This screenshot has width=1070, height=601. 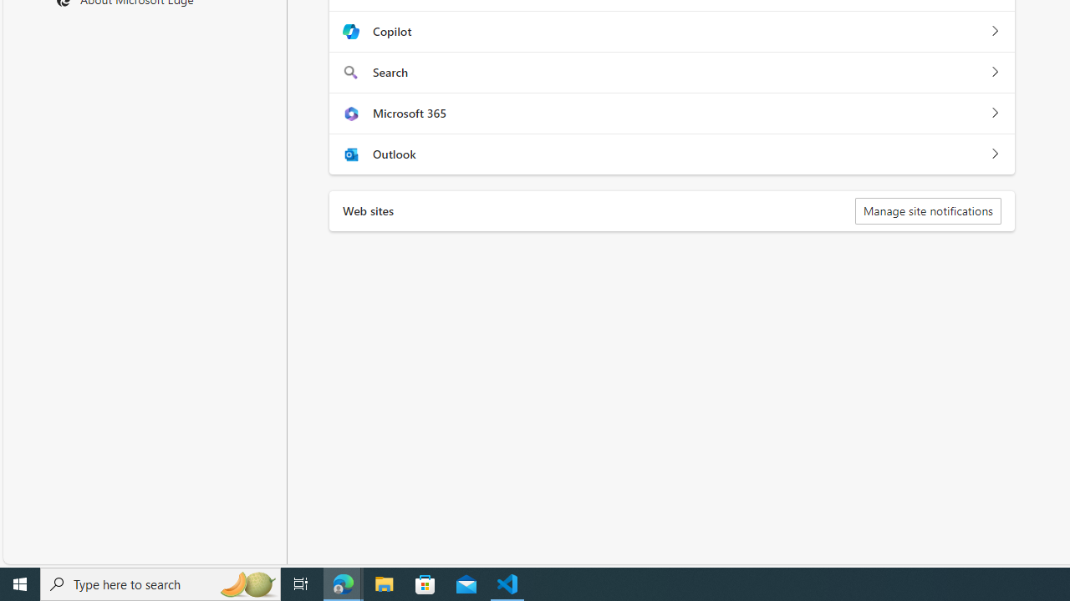 What do you see at coordinates (926, 210) in the screenshot?
I see `'Manage site notifications'` at bounding box center [926, 210].